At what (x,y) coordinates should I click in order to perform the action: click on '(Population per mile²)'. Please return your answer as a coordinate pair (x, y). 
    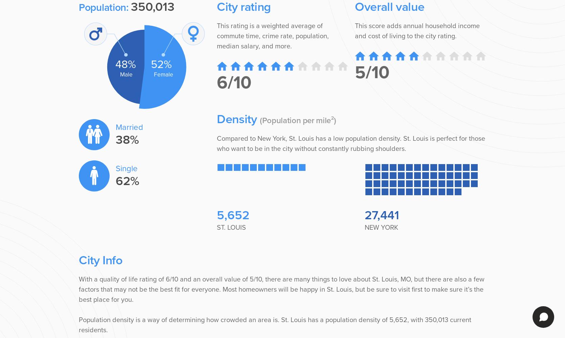
    Looking at the image, I should click on (298, 120).